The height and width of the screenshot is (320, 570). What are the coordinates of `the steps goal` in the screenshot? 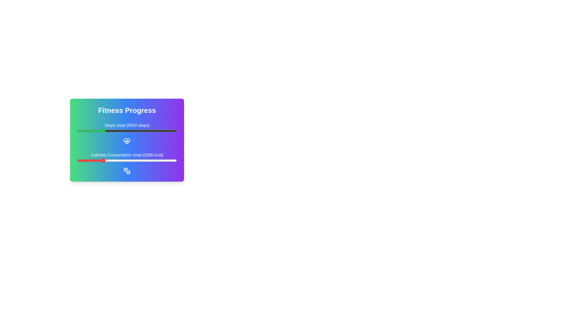 It's located at (110, 131).